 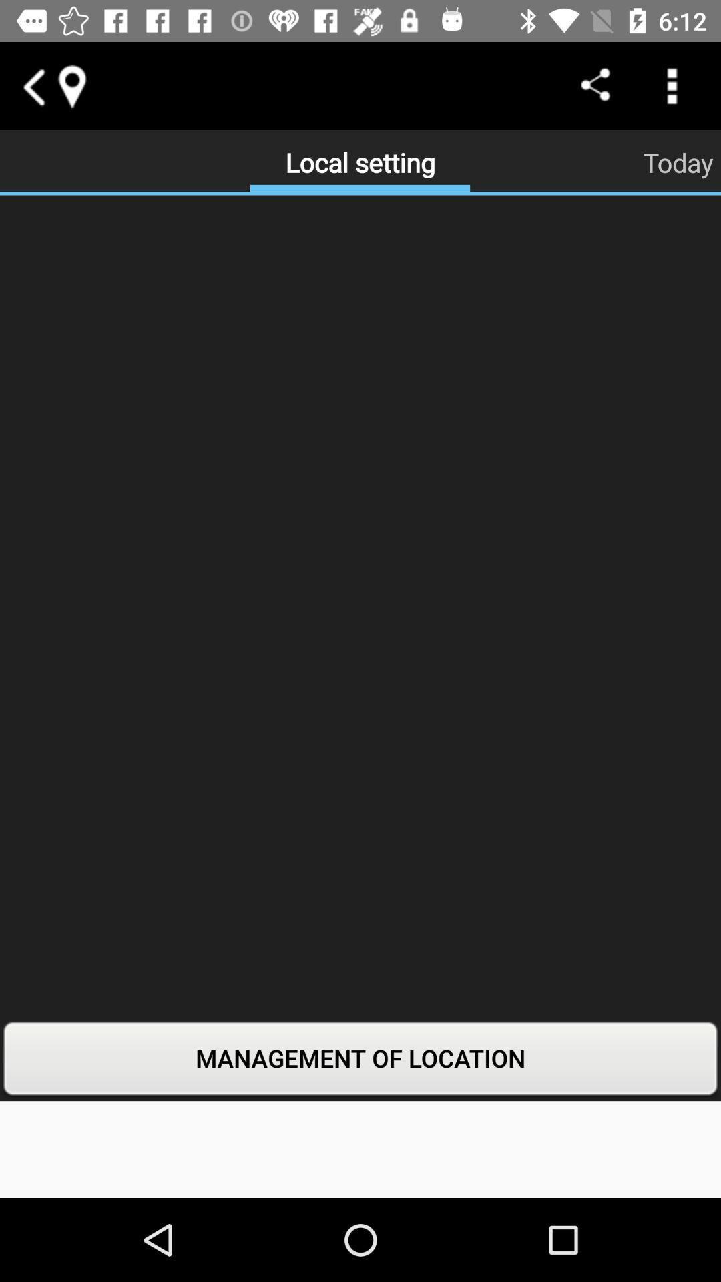 I want to click on the location icon, so click(x=71, y=85).